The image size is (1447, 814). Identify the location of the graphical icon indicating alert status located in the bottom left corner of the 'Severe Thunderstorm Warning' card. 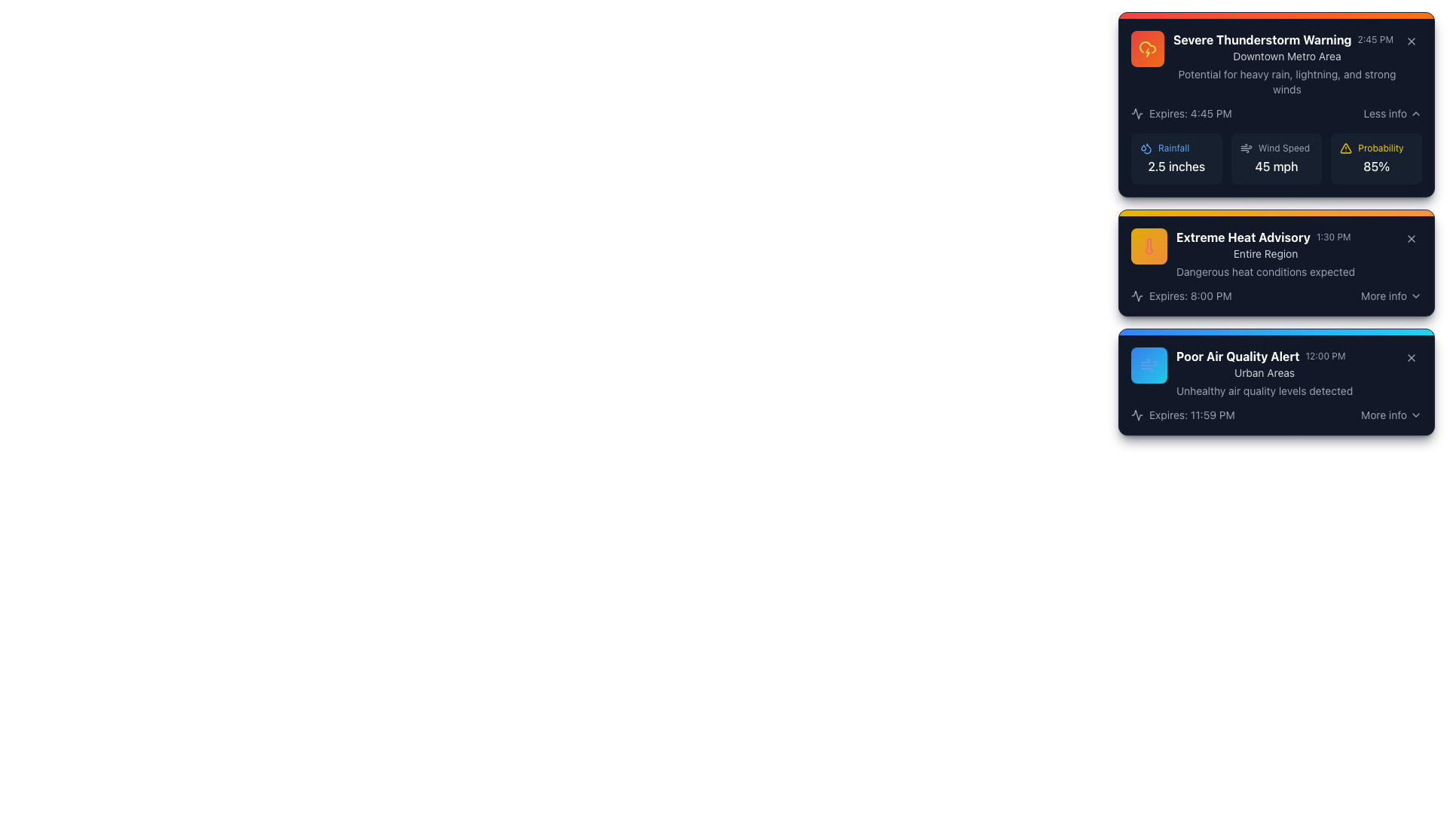
(1136, 296).